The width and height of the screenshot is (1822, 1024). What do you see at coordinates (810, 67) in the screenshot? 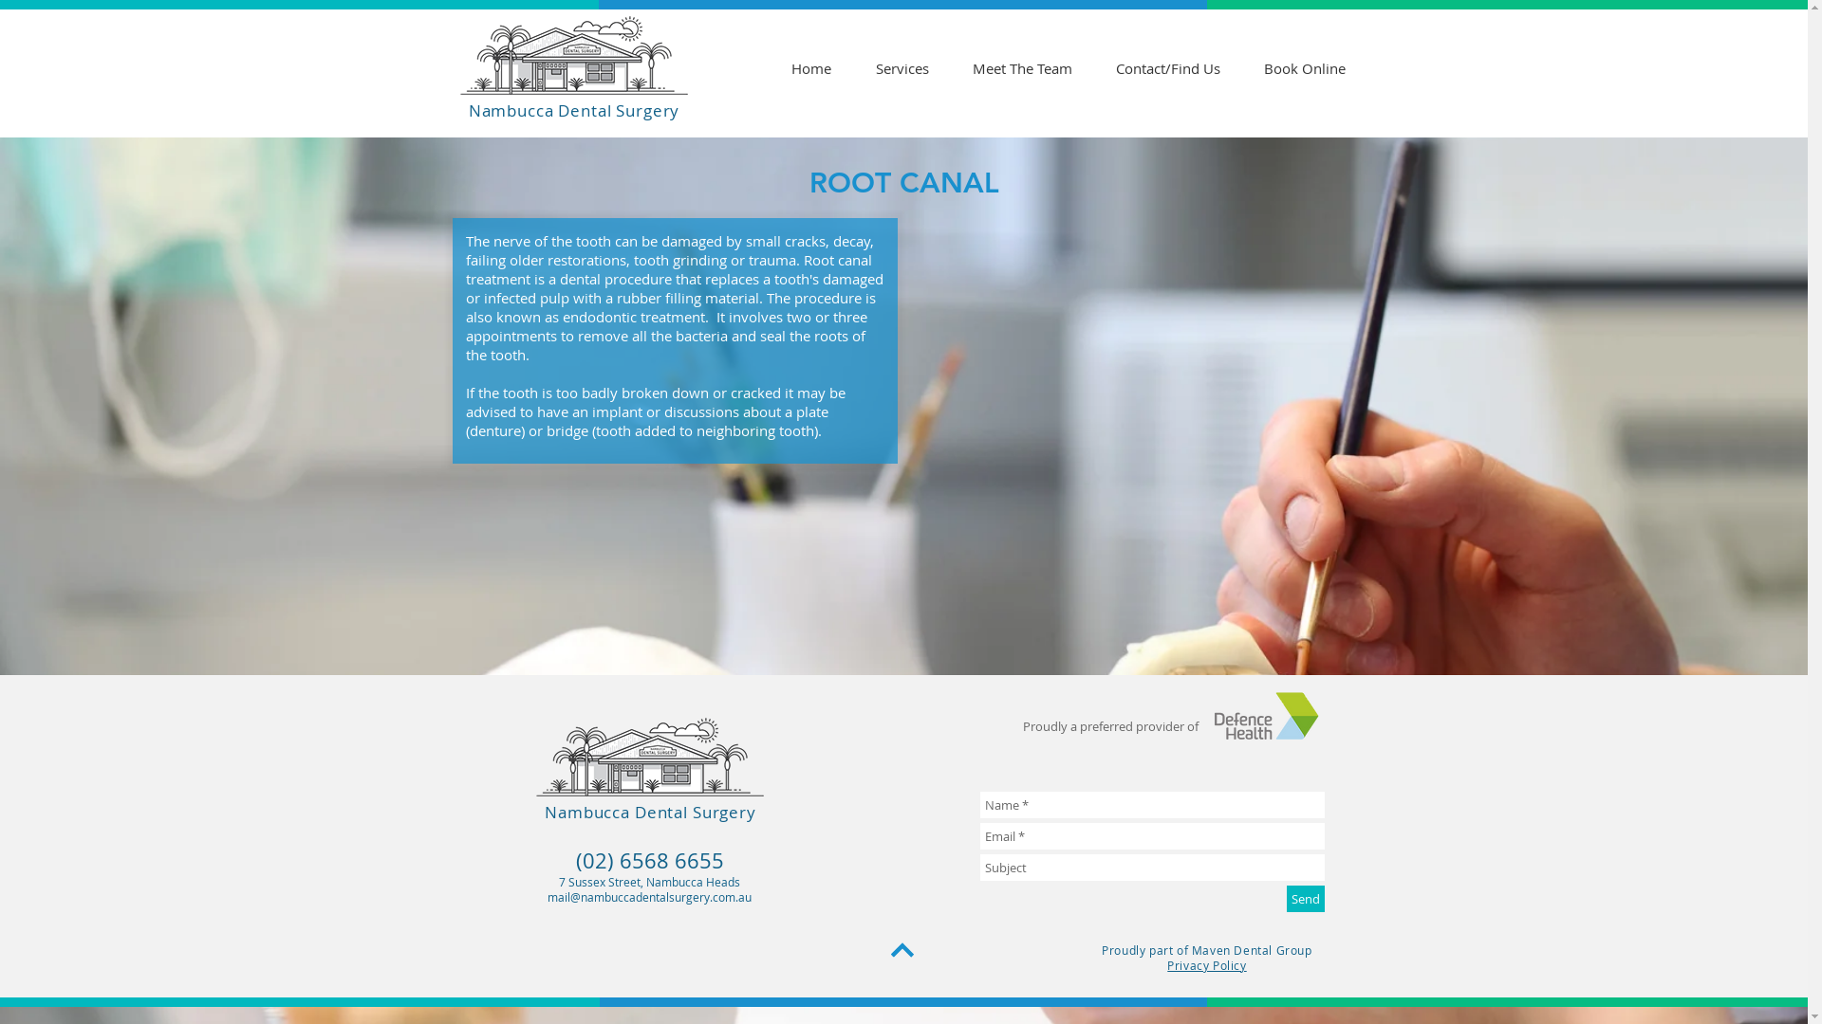
I see `'Home'` at bounding box center [810, 67].